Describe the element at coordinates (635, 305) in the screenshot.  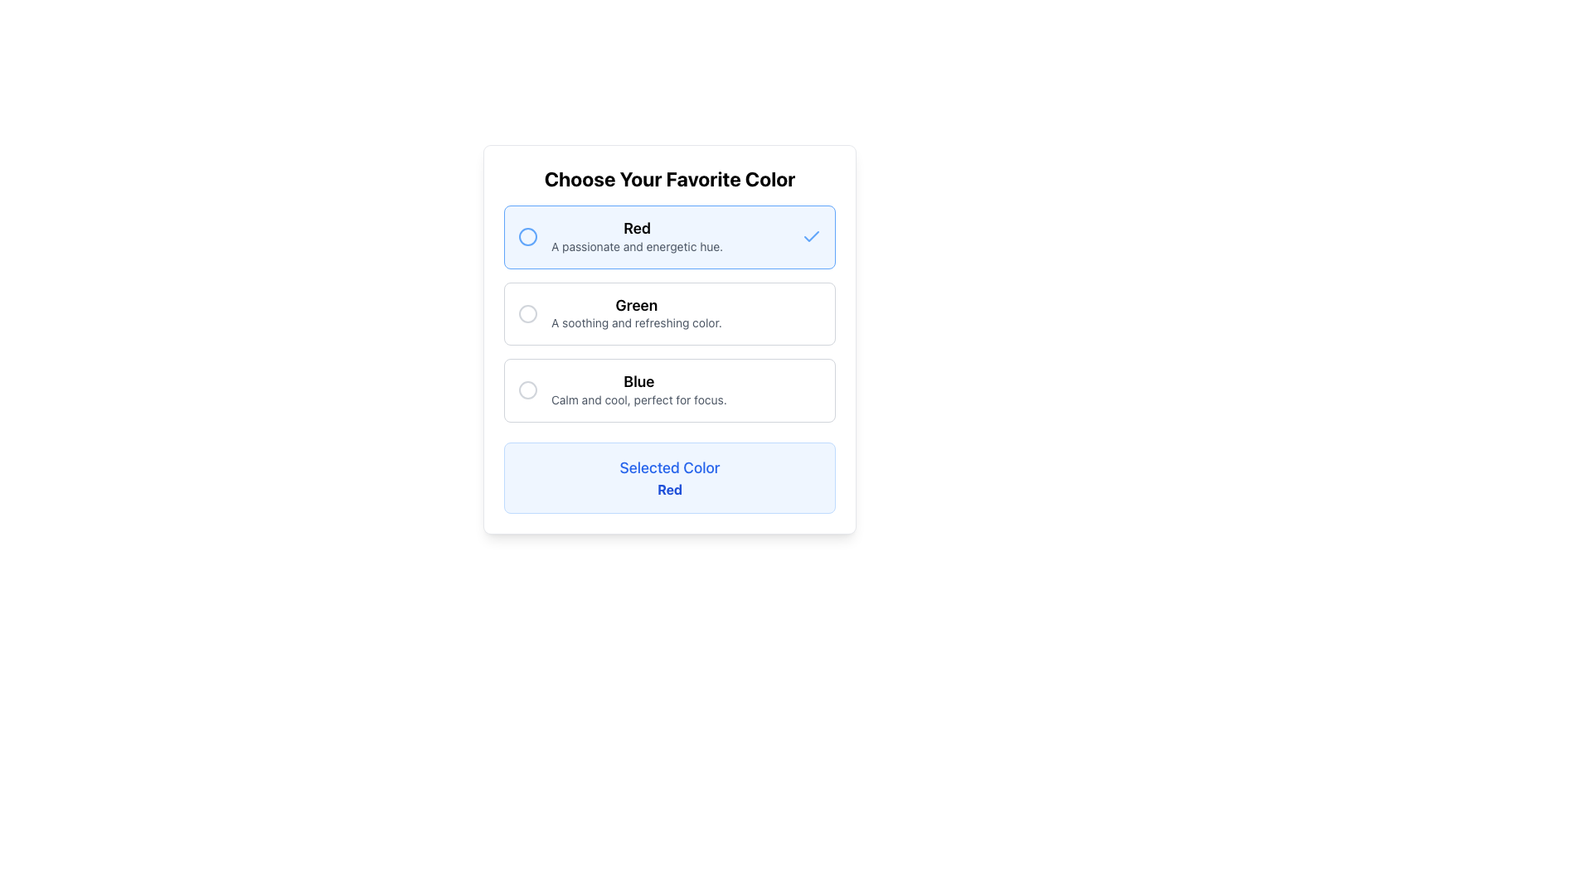
I see `the text label that indicates the option for selecting the 'Green' color, which is positioned above the description 'A soothing and refreshing color'` at that location.